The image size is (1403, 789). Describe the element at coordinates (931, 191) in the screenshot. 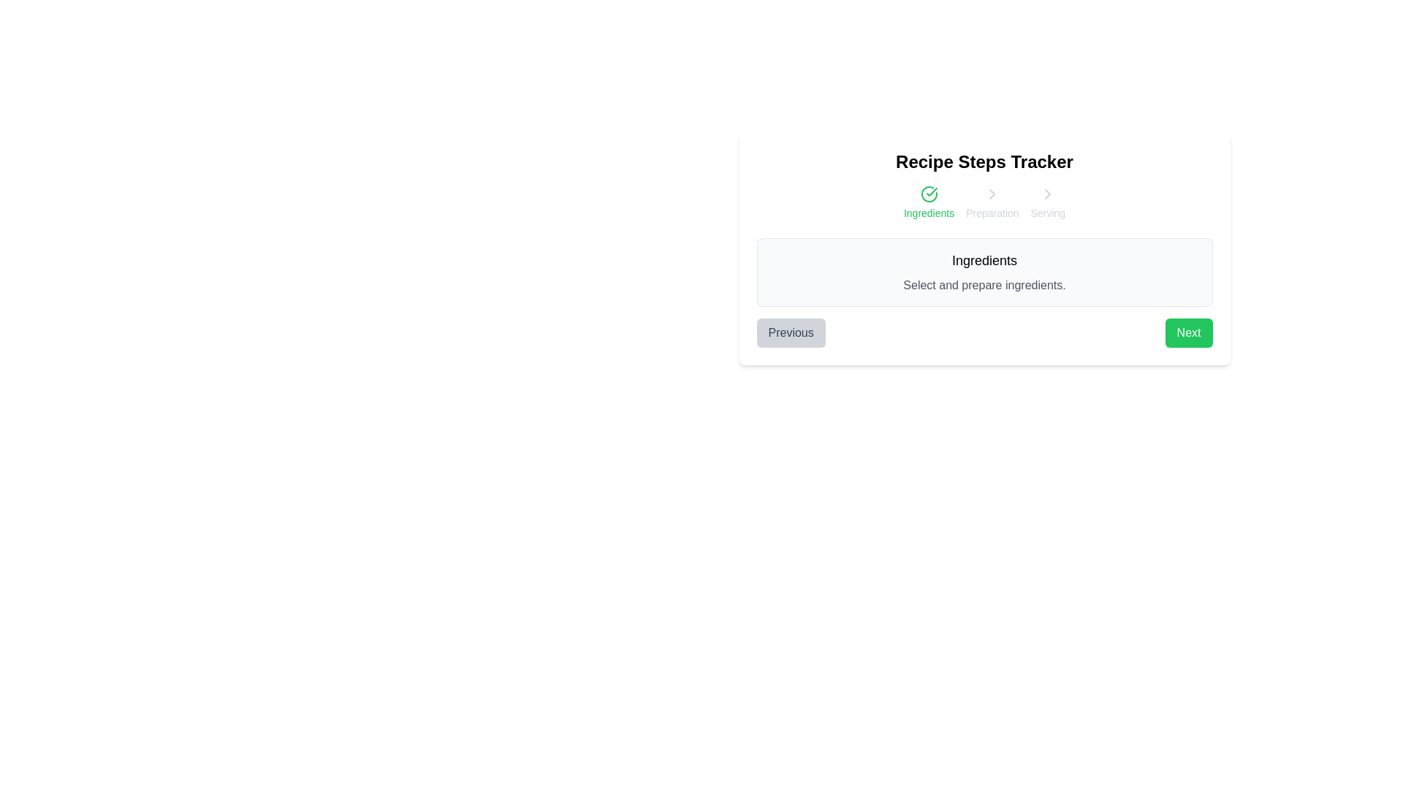

I see `the green checkmark icon, which is a vector graphic indicating completion or success, located slightly above the primary text content` at that location.